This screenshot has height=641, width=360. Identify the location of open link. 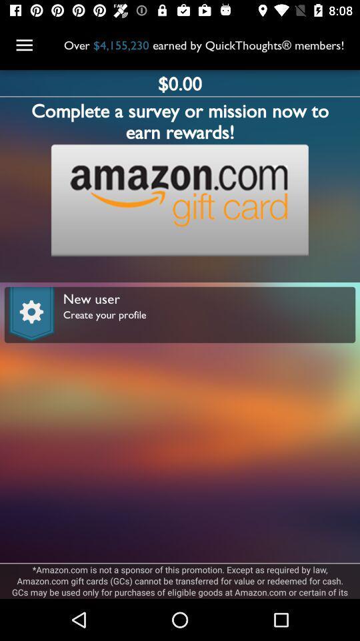
(179, 200).